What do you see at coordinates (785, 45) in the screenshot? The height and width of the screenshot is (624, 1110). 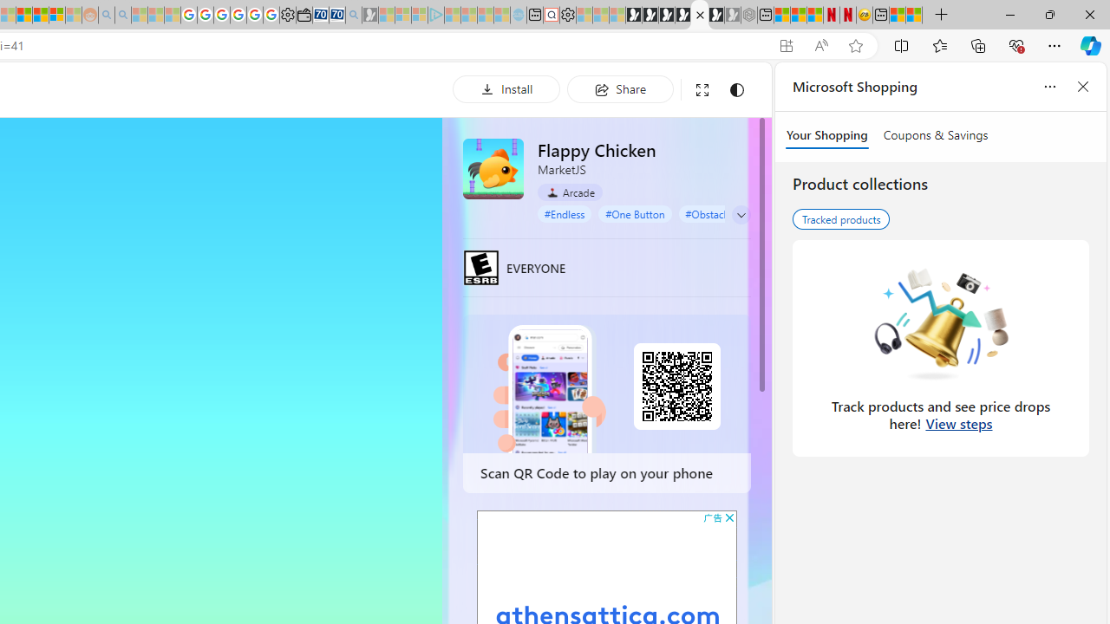 I see `'App available. Install Flappy Chicken'` at bounding box center [785, 45].